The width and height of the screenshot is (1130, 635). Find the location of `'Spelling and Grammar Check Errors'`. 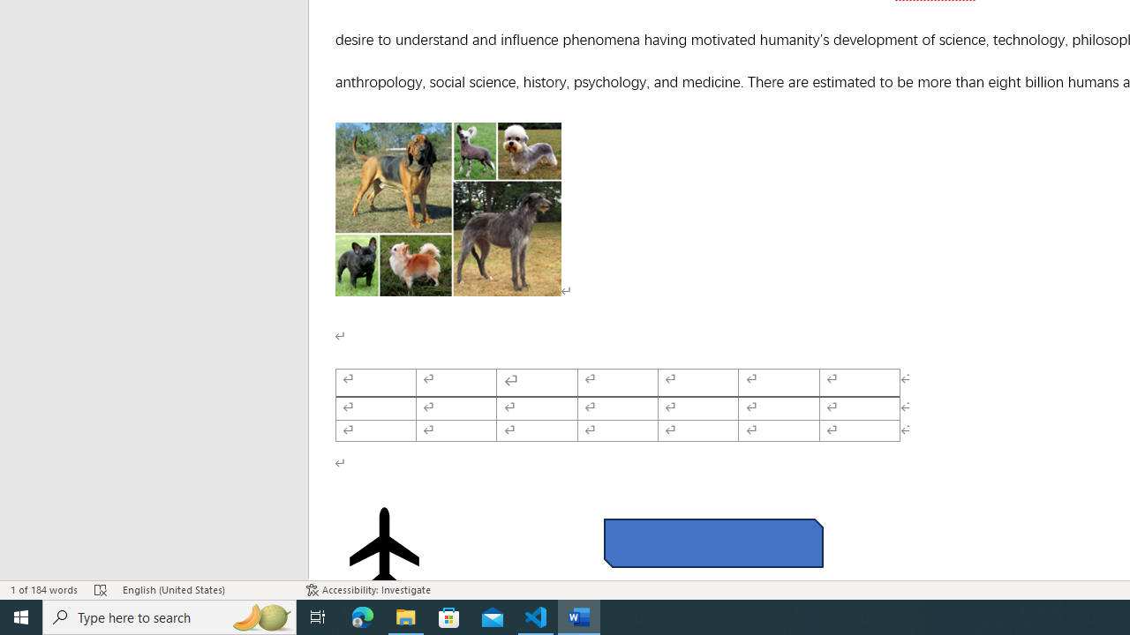

'Spelling and Grammar Check Errors' is located at coordinates (100, 590).